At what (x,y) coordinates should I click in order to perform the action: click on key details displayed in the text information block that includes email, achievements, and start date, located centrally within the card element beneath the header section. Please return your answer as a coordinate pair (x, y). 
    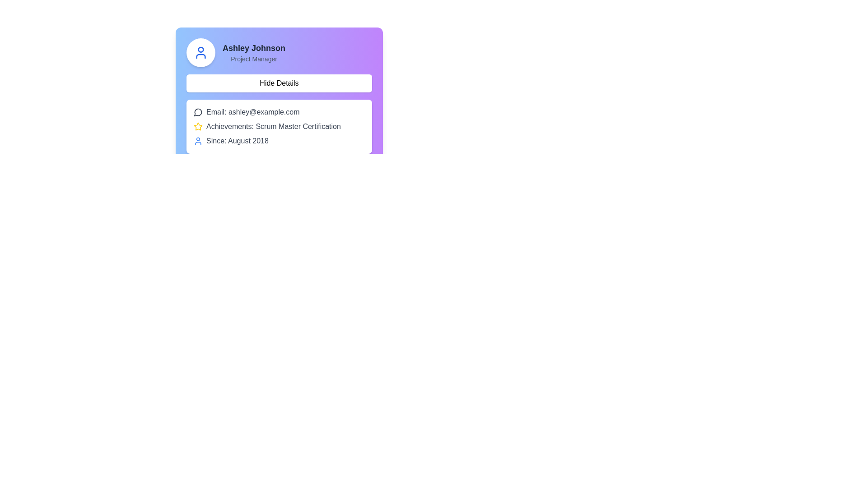
    Looking at the image, I should click on (279, 127).